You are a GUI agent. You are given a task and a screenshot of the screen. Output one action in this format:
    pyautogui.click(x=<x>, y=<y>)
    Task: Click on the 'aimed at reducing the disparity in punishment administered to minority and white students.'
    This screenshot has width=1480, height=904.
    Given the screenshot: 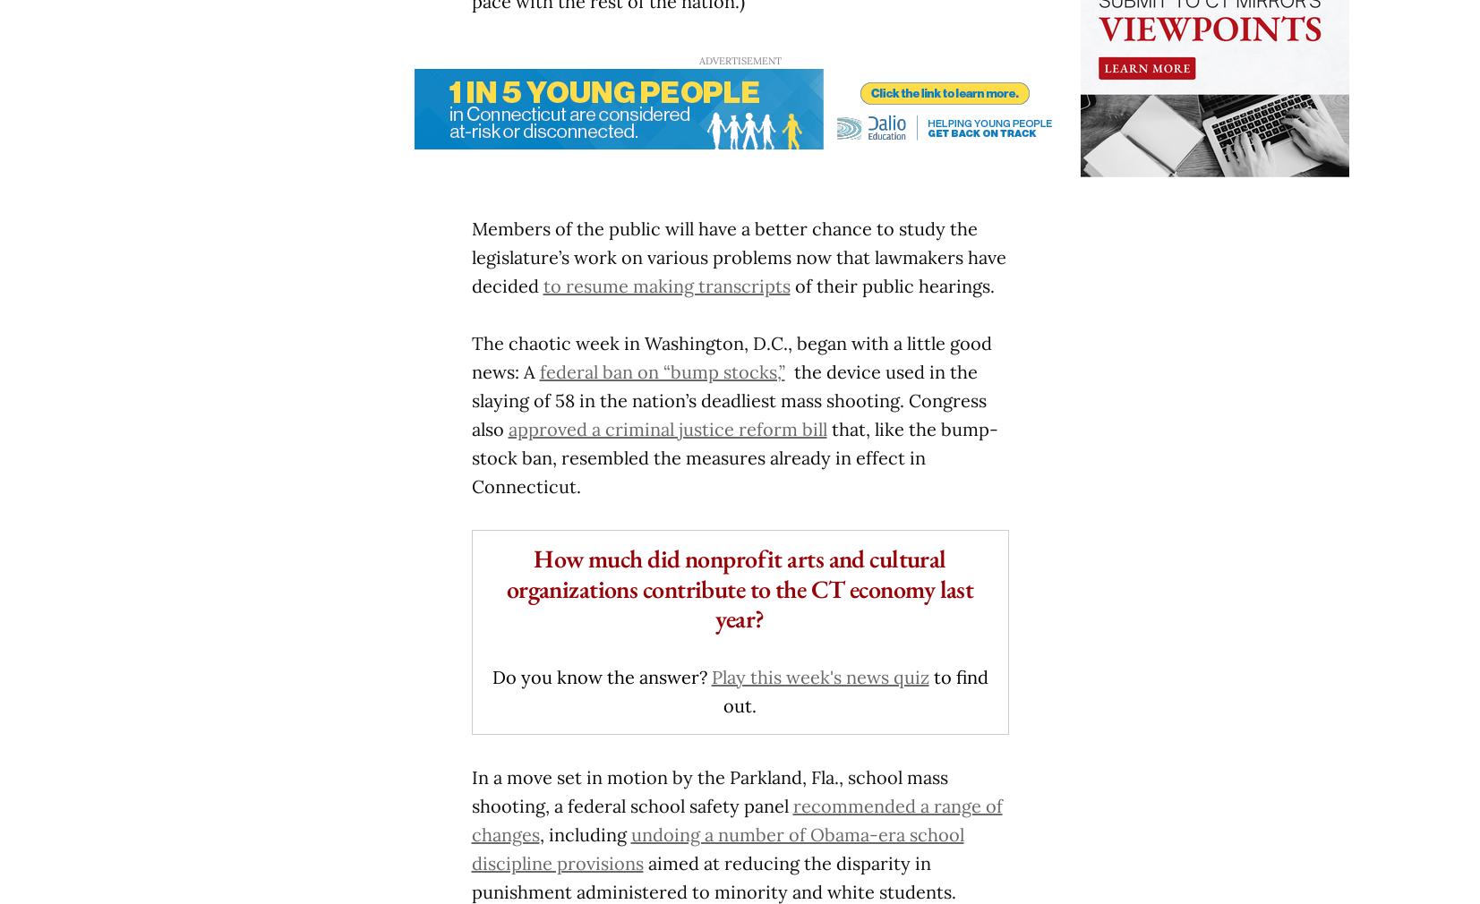 What is the action you would take?
    pyautogui.click(x=712, y=876)
    